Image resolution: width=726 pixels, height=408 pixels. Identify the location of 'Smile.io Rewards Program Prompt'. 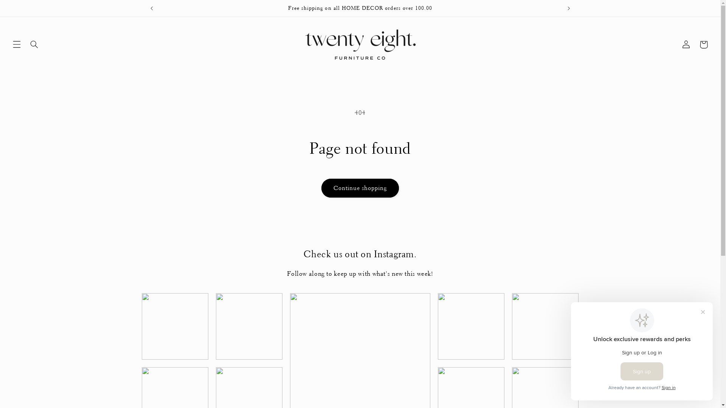
(641, 351).